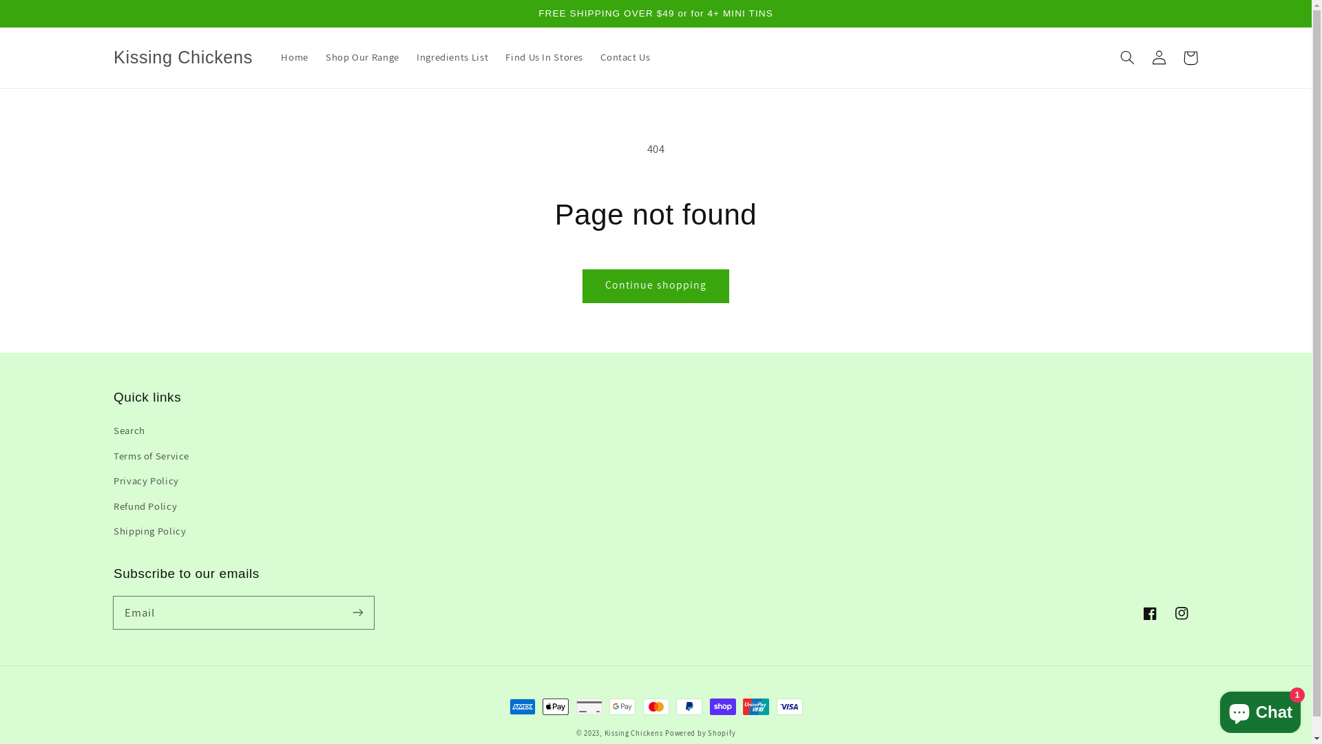 Image resolution: width=1322 pixels, height=744 pixels. What do you see at coordinates (145, 505) in the screenshot?
I see `'Refund Policy'` at bounding box center [145, 505].